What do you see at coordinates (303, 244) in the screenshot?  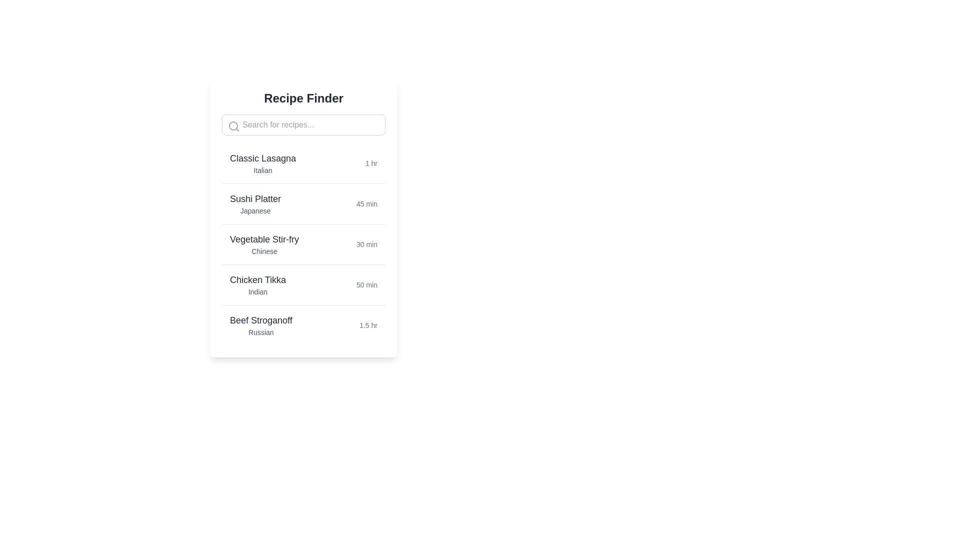 I see `the third list item titled 'Vegetable Stir-fry' in the recipe list` at bounding box center [303, 244].